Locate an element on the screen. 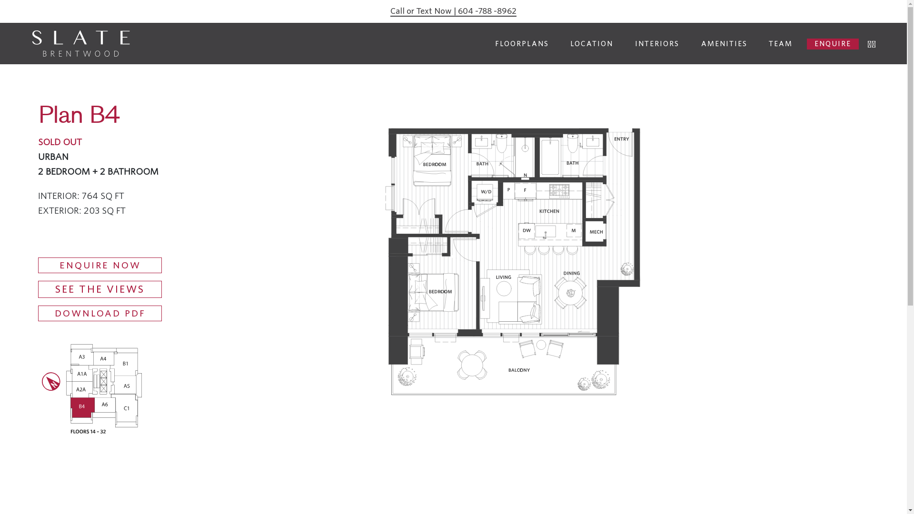  'TEAM' is located at coordinates (781, 43).